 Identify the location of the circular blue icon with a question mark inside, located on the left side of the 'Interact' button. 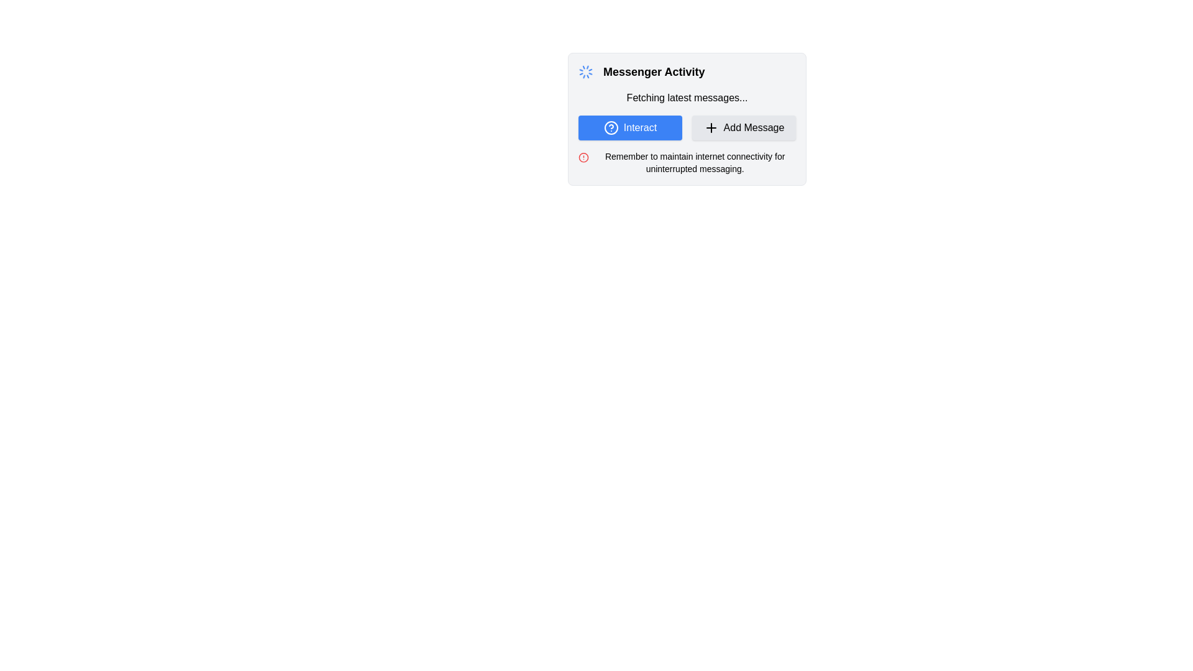
(611, 127).